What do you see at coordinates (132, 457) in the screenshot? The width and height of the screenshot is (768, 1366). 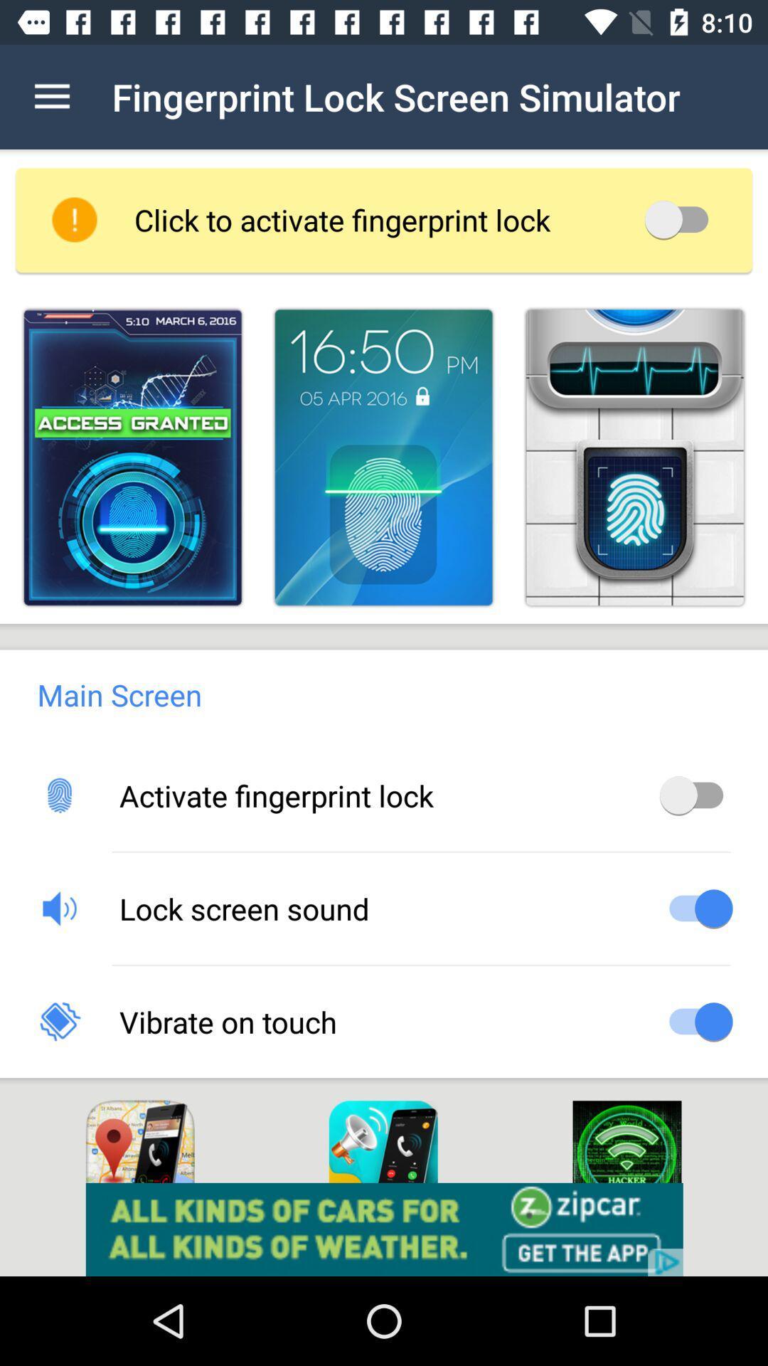 I see `fingerprint button` at bounding box center [132, 457].